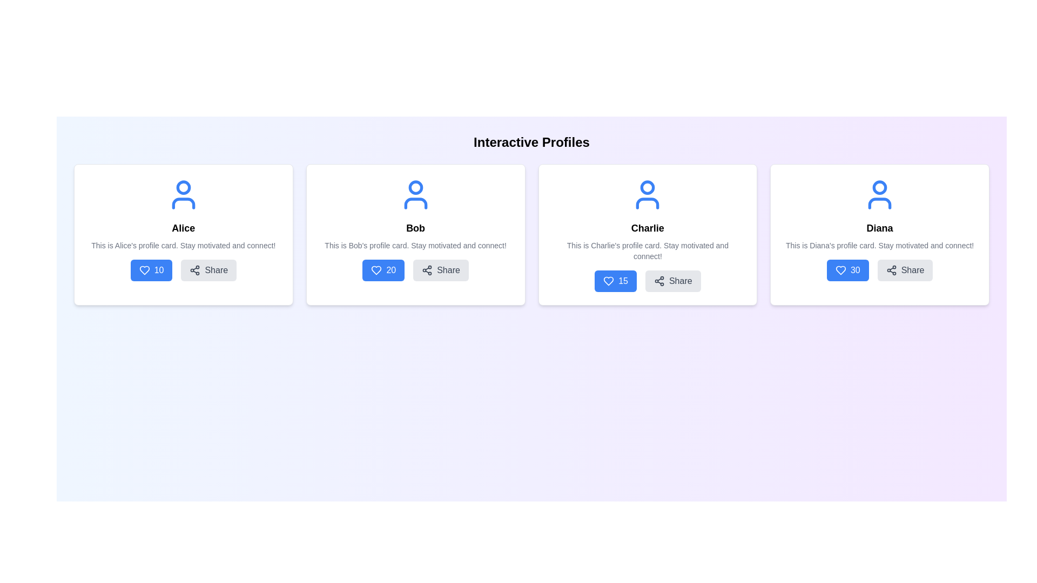  I want to click on the user icon representing 'Bob' located at the top of the profile card in the second position from the left, so click(415, 195).